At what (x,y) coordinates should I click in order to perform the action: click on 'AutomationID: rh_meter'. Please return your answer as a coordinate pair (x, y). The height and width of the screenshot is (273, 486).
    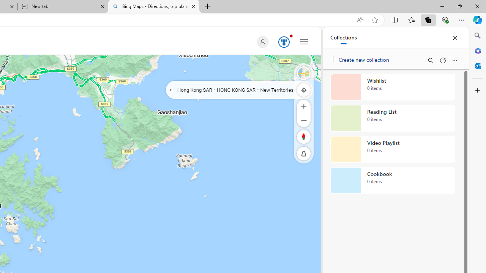
    Looking at the image, I should click on (284, 42).